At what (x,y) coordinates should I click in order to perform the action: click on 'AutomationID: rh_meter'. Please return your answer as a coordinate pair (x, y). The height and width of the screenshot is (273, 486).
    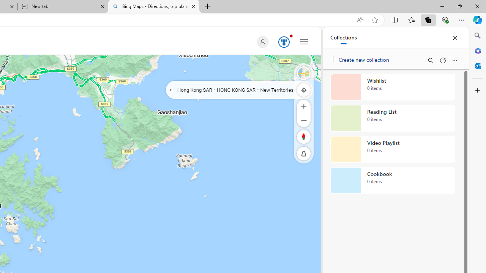
    Looking at the image, I should click on (284, 42).